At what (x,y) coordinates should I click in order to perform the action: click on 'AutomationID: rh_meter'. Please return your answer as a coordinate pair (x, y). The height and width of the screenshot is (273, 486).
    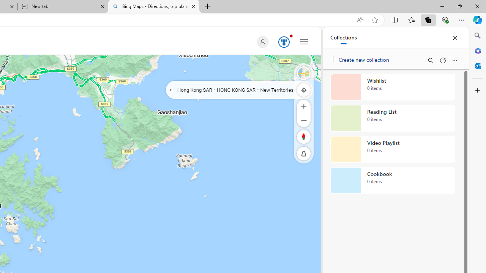
    Looking at the image, I should click on (284, 42).